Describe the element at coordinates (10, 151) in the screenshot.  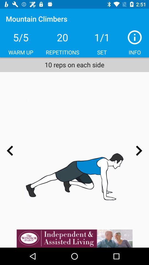
I see `the arrow_backward icon` at that location.